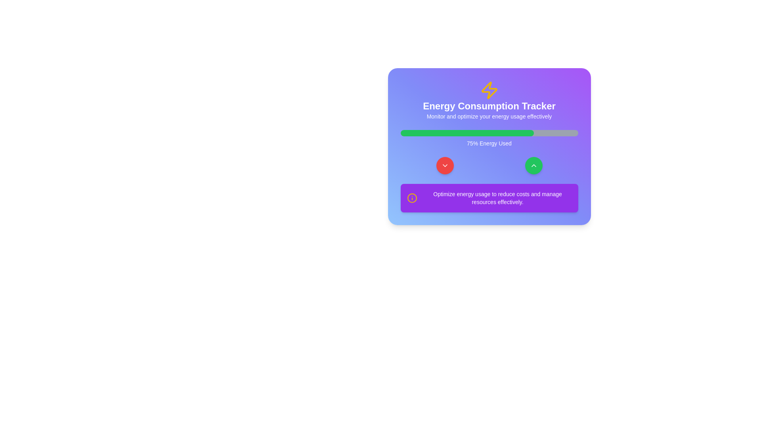  I want to click on the interactive button in the button group located near the lower half of the card component, positioned between the progress bar and the purple informational box, so click(489, 165).